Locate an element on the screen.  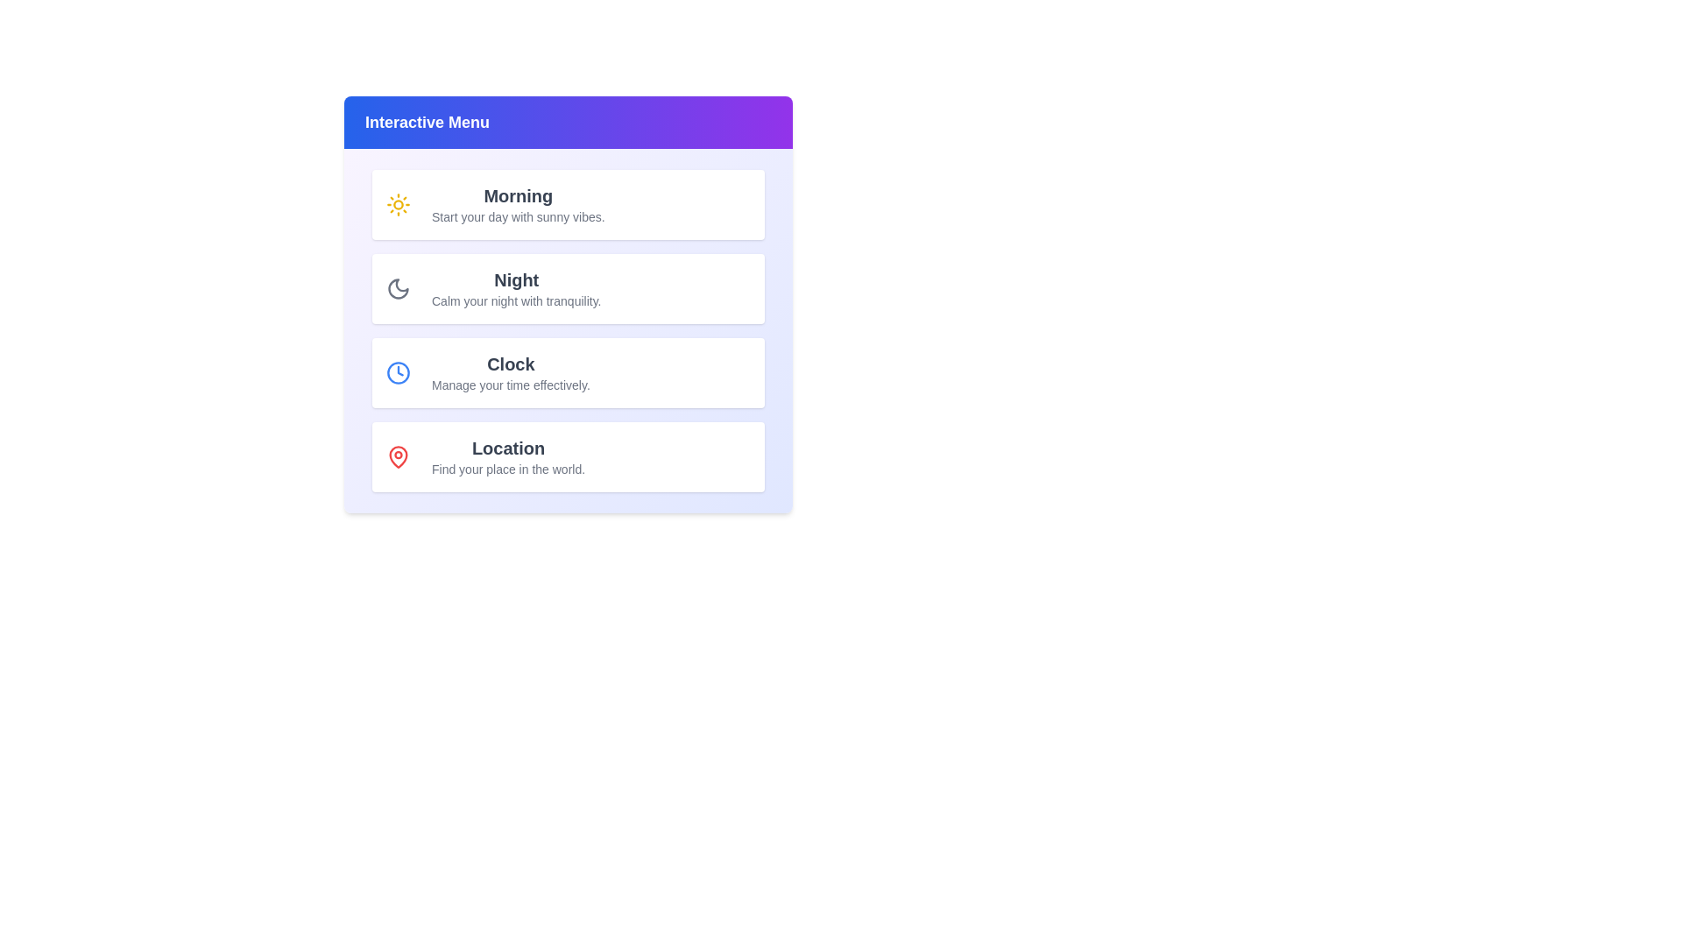
the Night menu item to select it is located at coordinates (568, 288).